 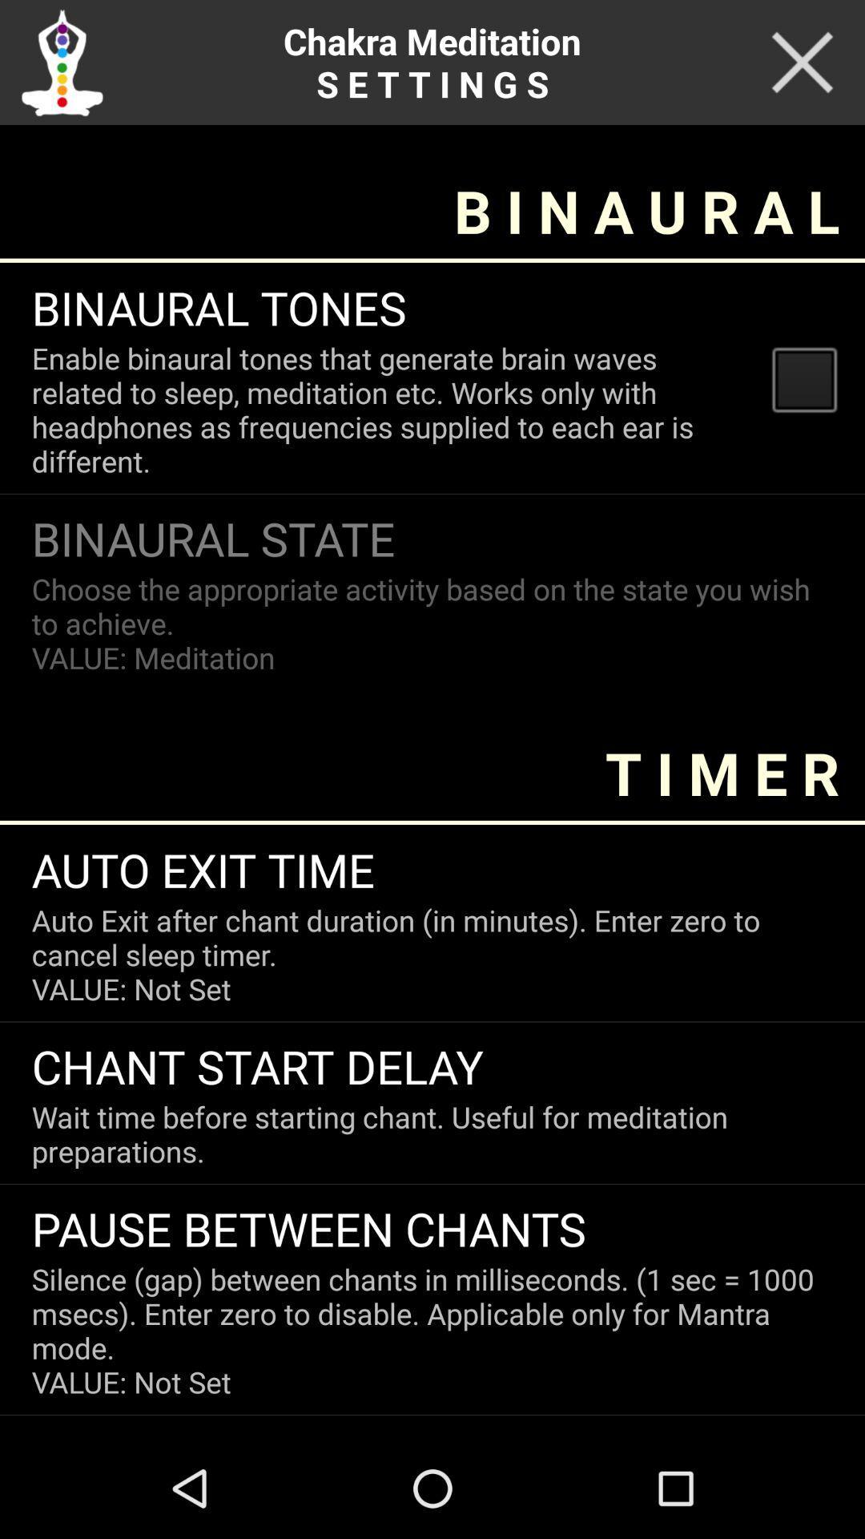 What do you see at coordinates (803, 66) in the screenshot?
I see `the close icon` at bounding box center [803, 66].